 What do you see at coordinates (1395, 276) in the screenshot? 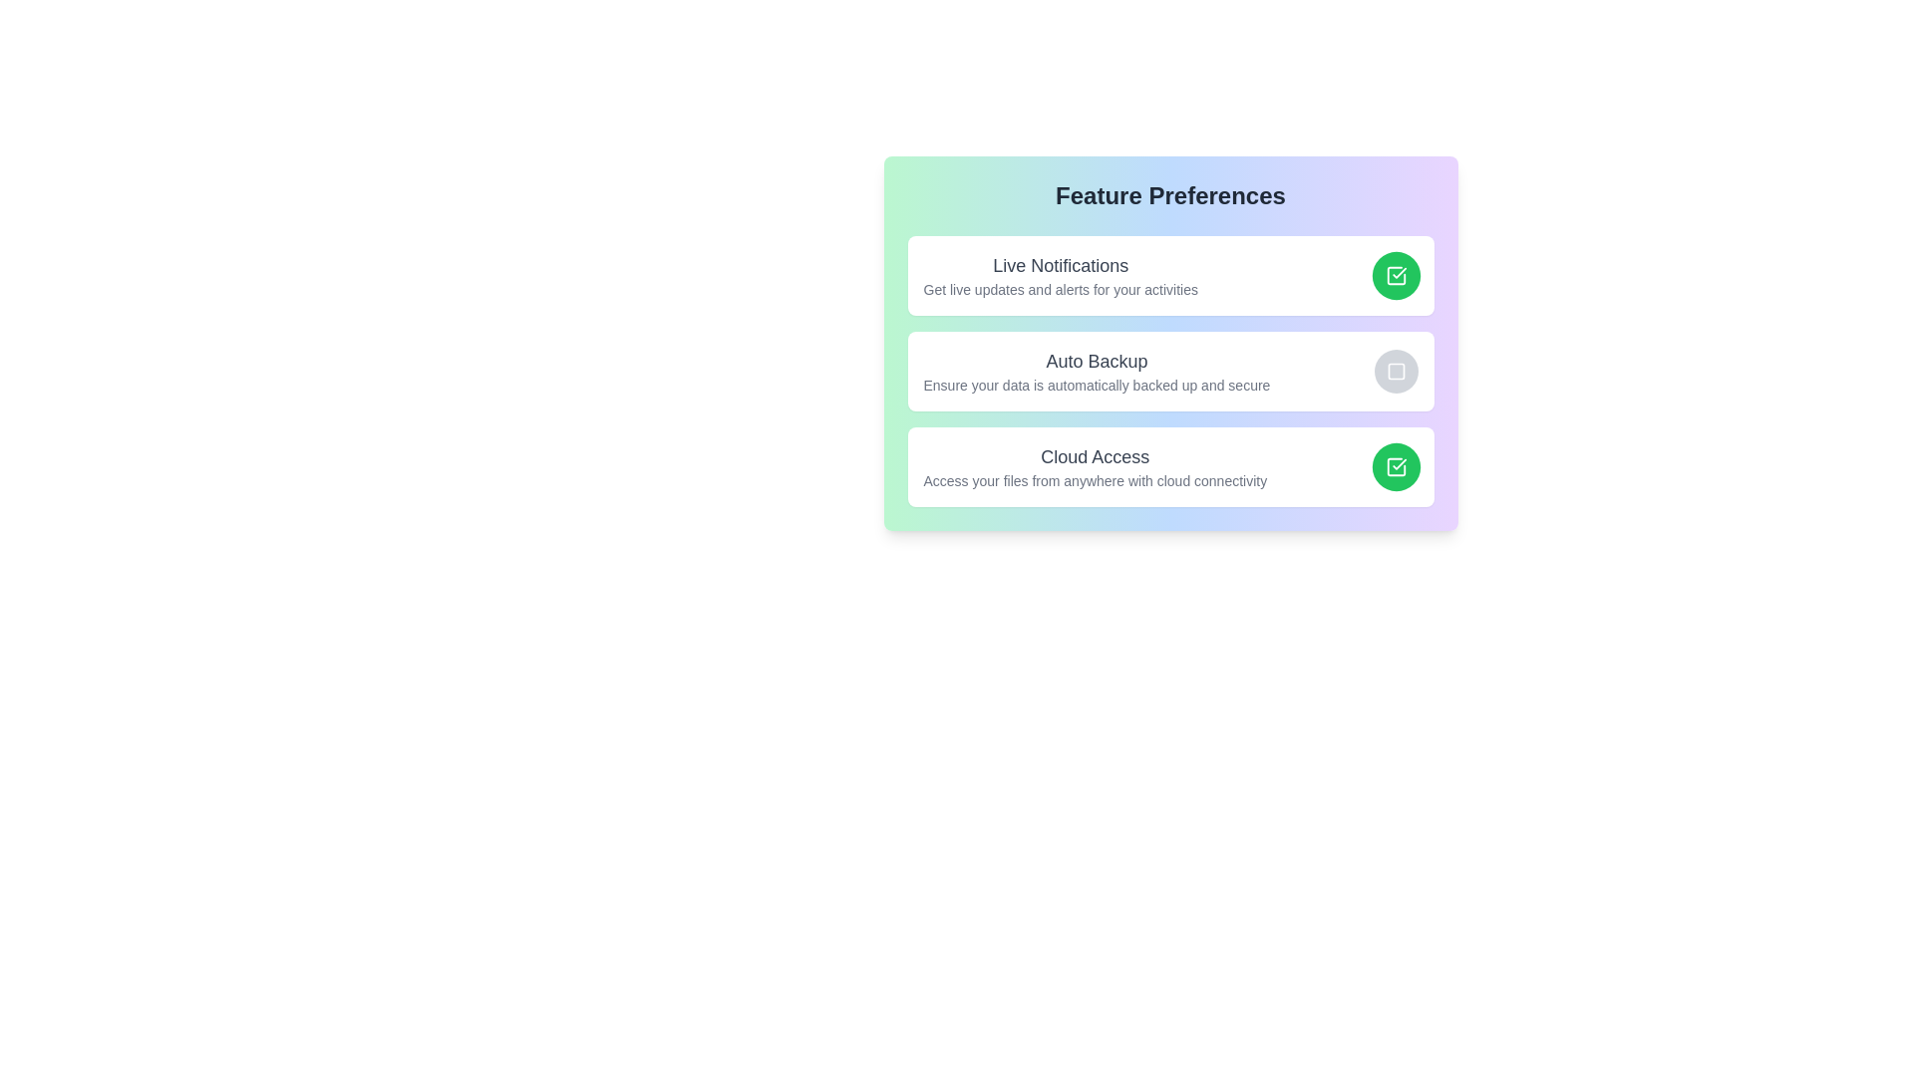
I see `the Icon component (check within a square) located in the top-right corner of the 'Live Notifications' row in the preferences section to indicate its enabled state` at bounding box center [1395, 276].